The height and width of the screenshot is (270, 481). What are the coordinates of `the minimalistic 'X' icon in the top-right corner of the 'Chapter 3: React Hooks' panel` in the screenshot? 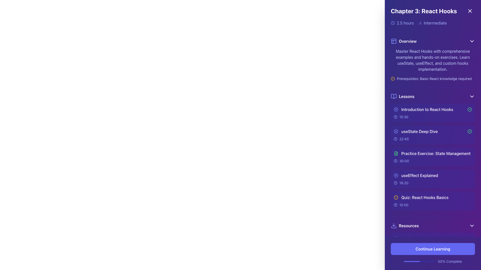 It's located at (470, 11).